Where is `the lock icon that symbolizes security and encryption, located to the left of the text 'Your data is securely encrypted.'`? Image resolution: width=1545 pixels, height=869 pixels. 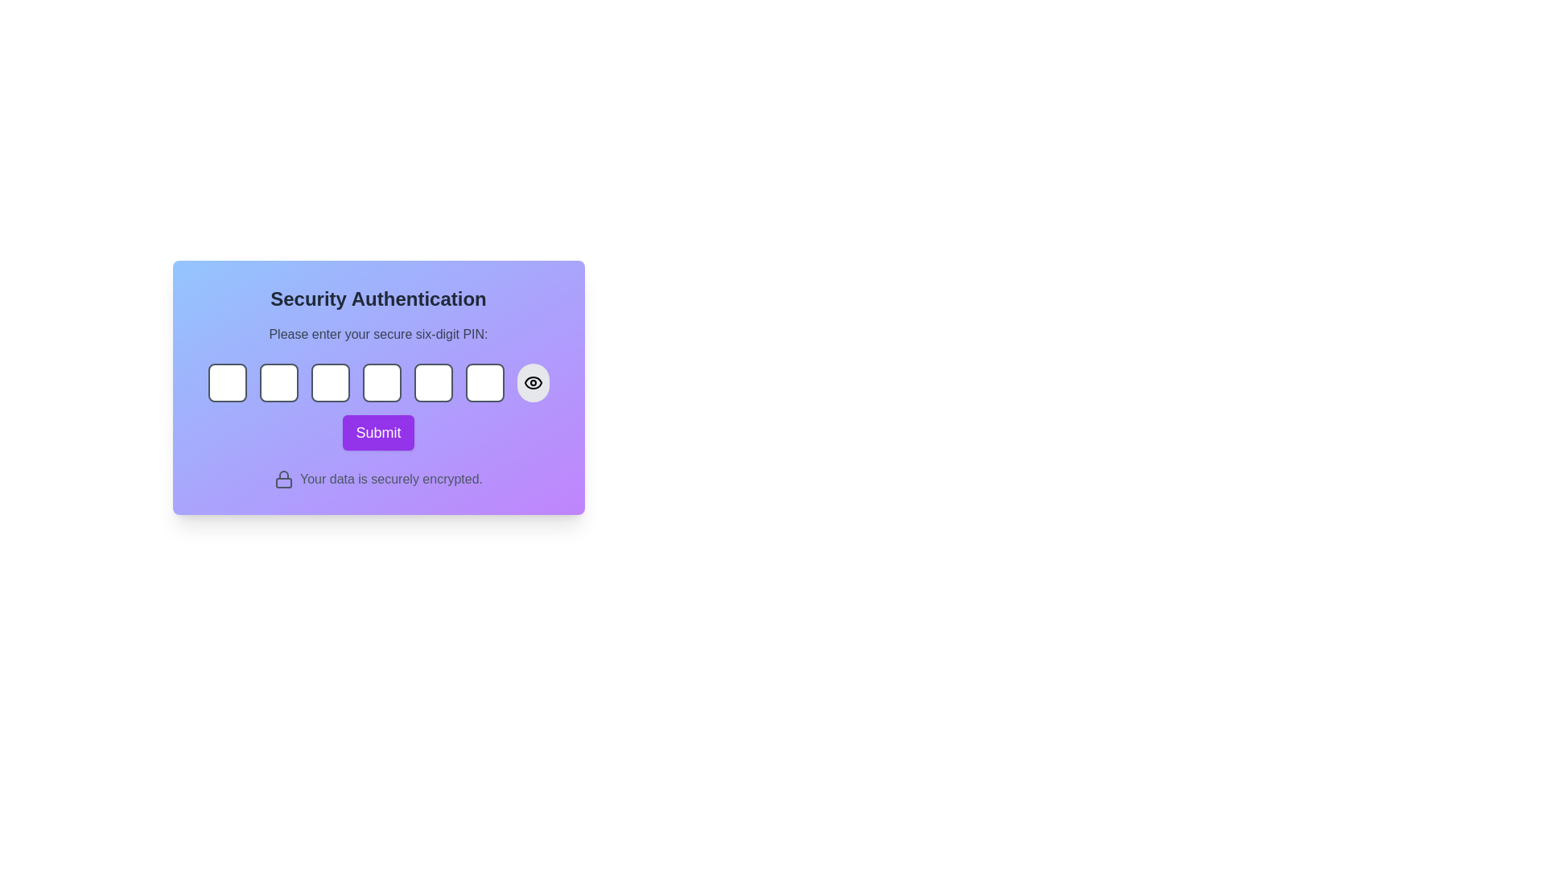
the lock icon that symbolizes security and encryption, located to the left of the text 'Your data is securely encrypted.' is located at coordinates (283, 479).